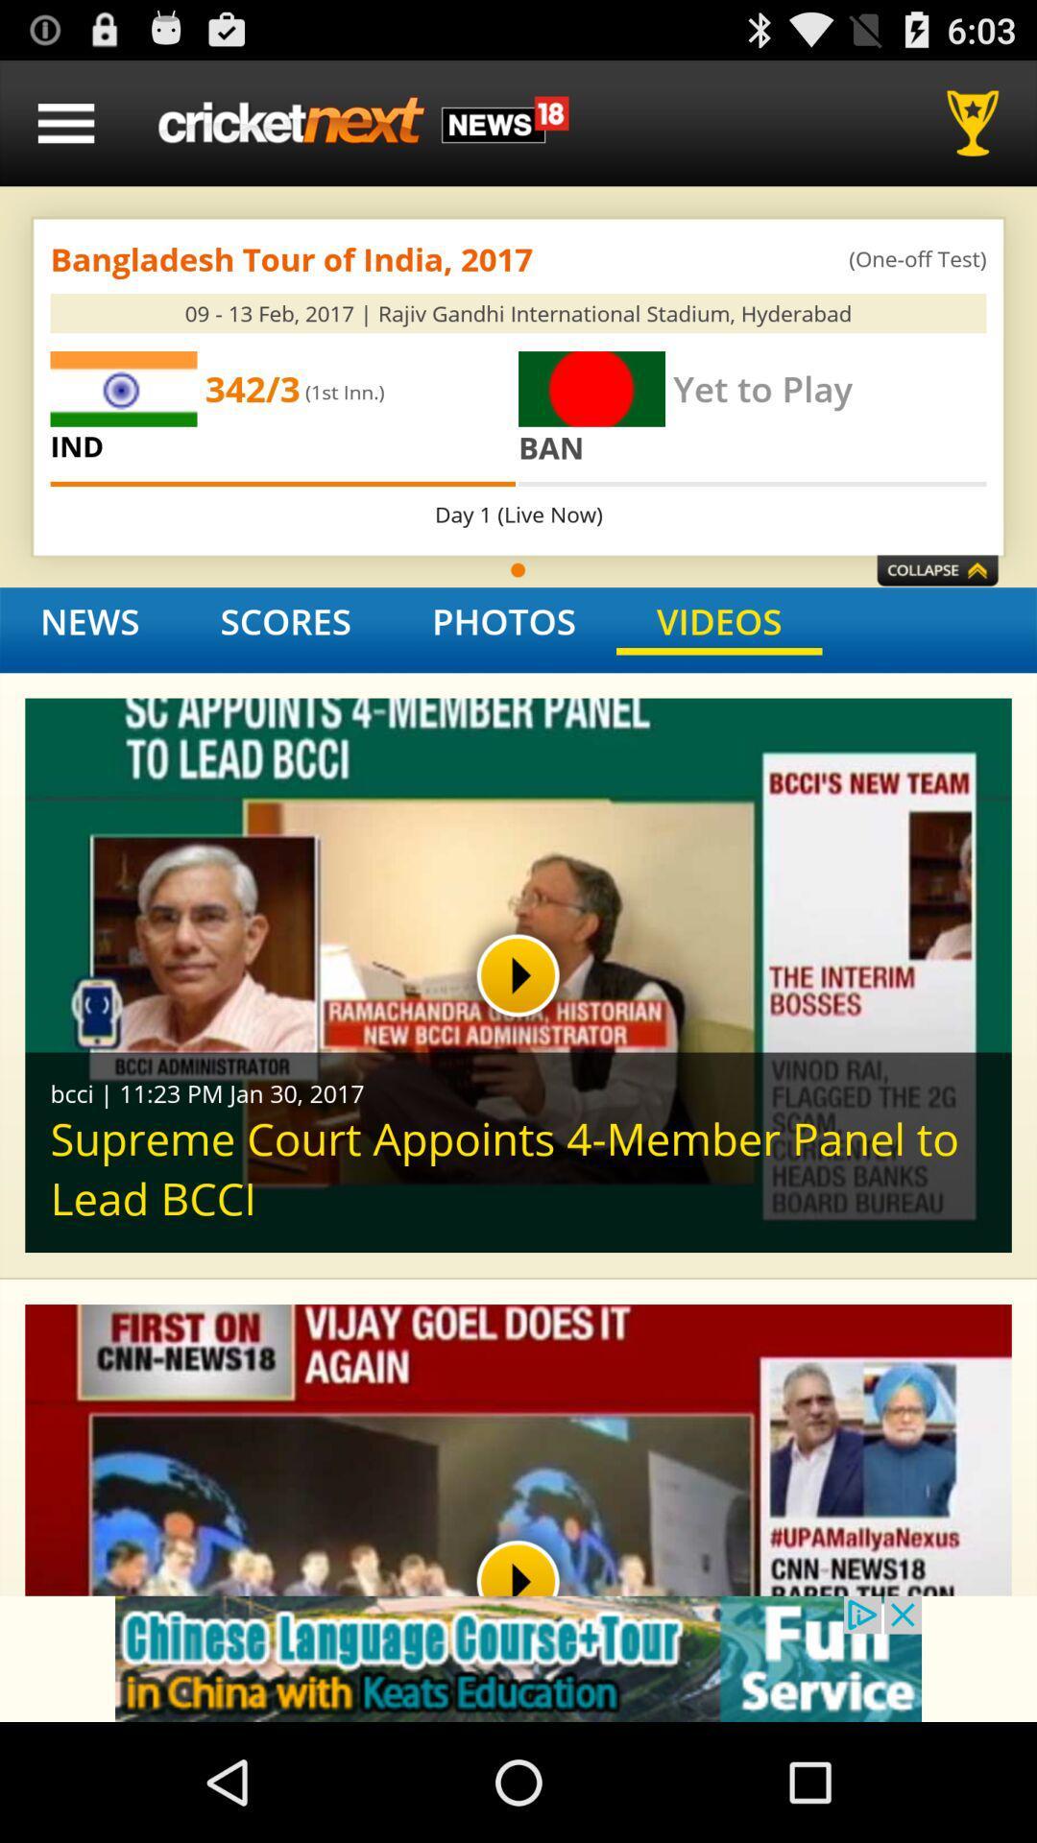  What do you see at coordinates (518, 1658) in the screenshot?
I see `advertisement` at bounding box center [518, 1658].